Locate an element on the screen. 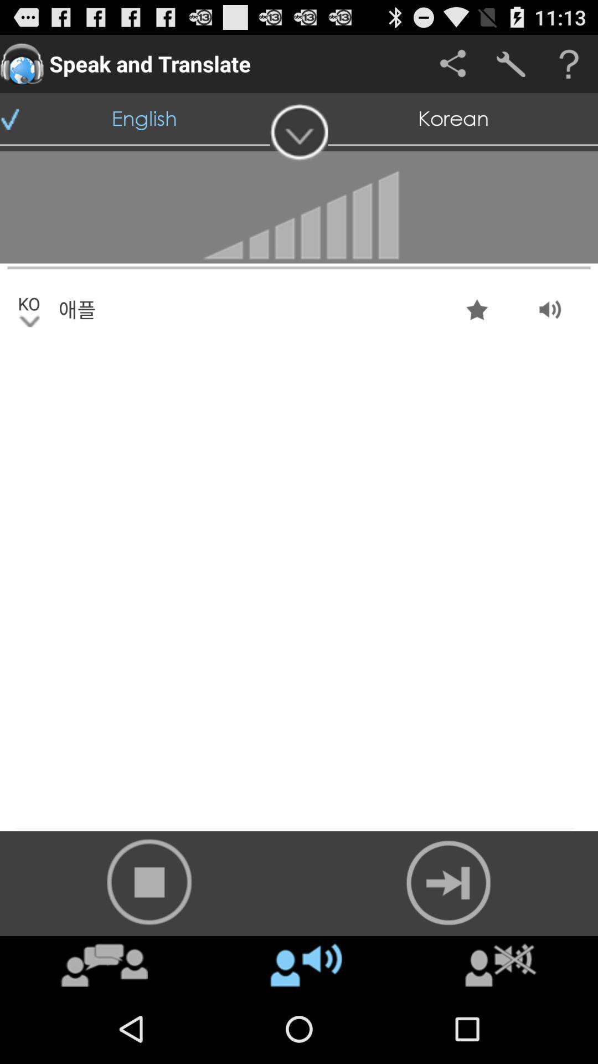 Image resolution: width=598 pixels, height=1064 pixels. tap for tools is located at coordinates (511, 63).